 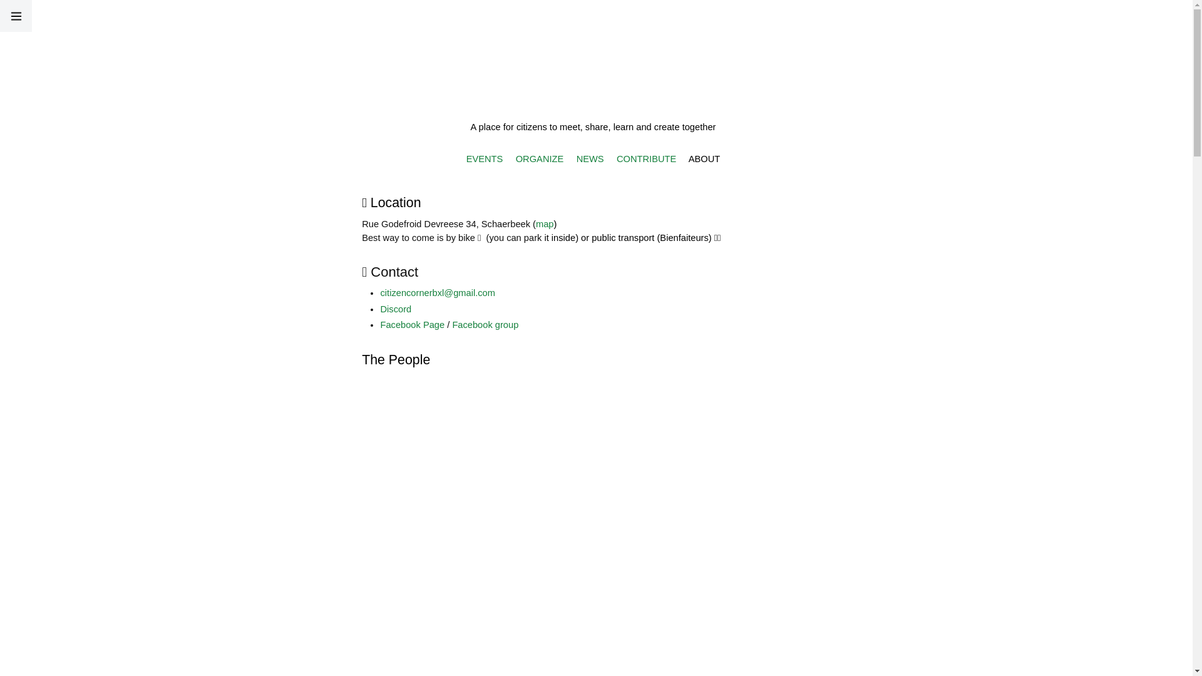 I want to click on 'citizencornerbxl@gmail.com', so click(x=437, y=292).